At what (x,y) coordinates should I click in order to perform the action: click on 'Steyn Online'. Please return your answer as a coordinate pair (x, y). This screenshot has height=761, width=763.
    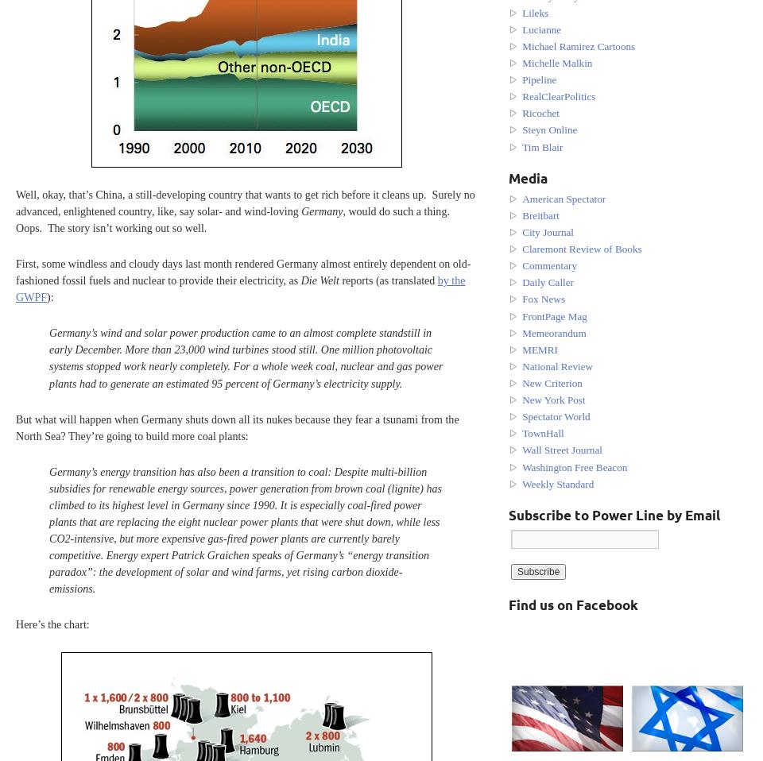
    Looking at the image, I should click on (549, 129).